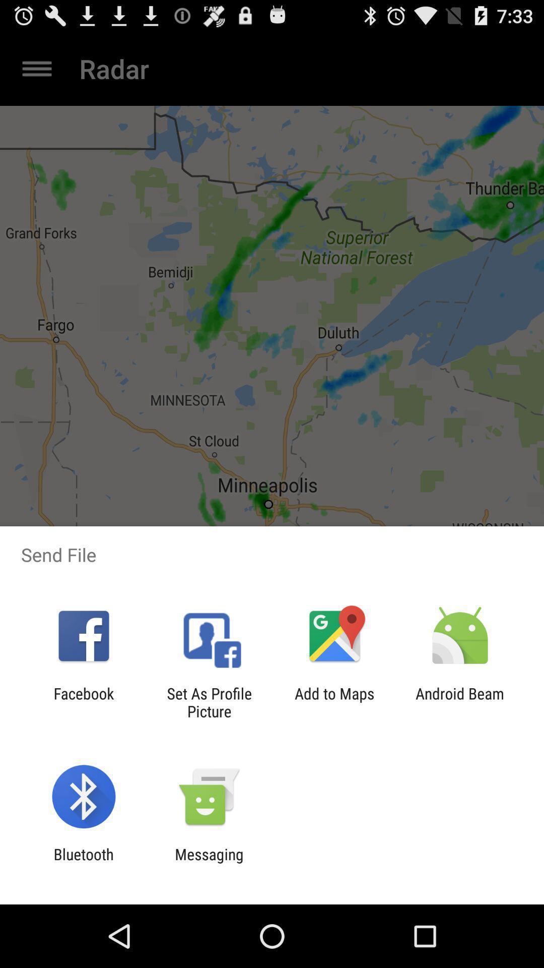 This screenshot has width=544, height=968. I want to click on the icon to the right of the add to maps icon, so click(460, 702).